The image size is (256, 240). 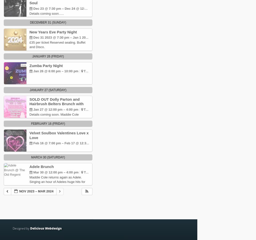 I want to click on 'Dec 23 @ 7:30 pm – Dec 24 @ 12:30 am', so click(x=63, y=8).